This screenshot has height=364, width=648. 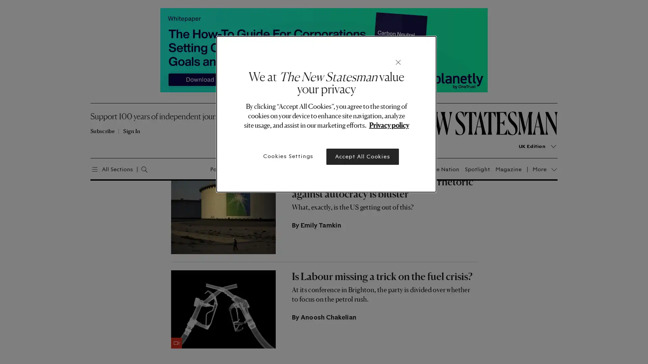 What do you see at coordinates (362, 157) in the screenshot?
I see `Accept All Cookies` at bounding box center [362, 157].